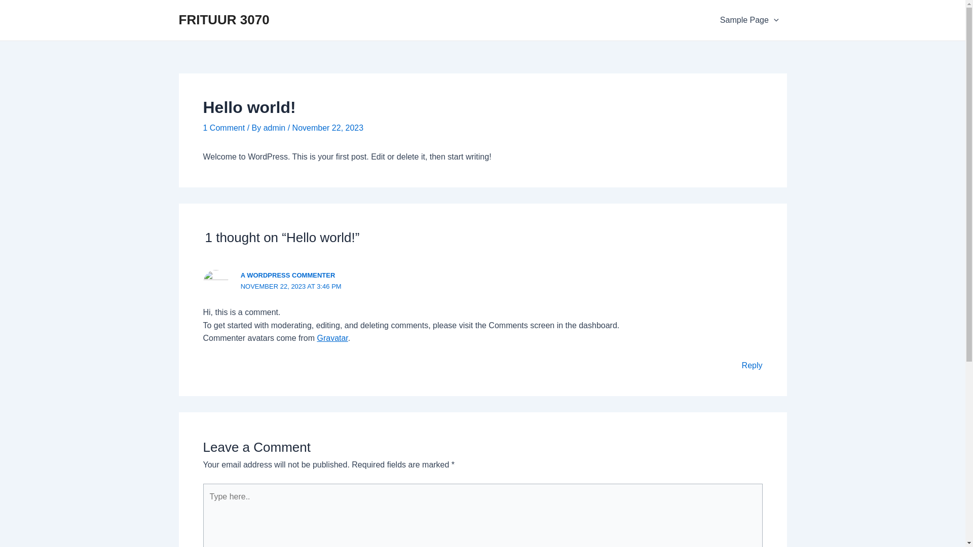 The width and height of the screenshot is (973, 547). Describe the element at coordinates (223, 127) in the screenshot. I see `'1 Comment'` at that location.